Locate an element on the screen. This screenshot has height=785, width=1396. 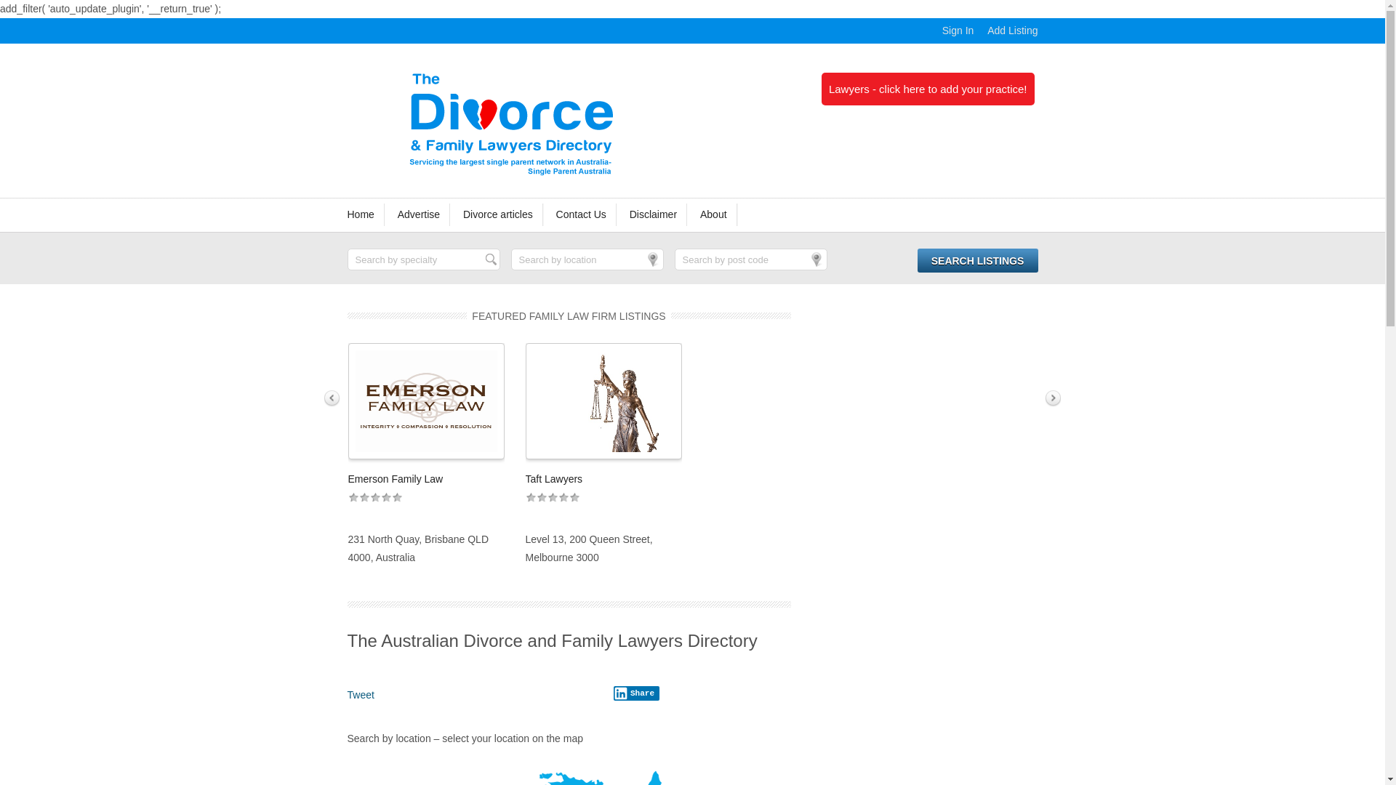
'About' is located at coordinates (714, 214).